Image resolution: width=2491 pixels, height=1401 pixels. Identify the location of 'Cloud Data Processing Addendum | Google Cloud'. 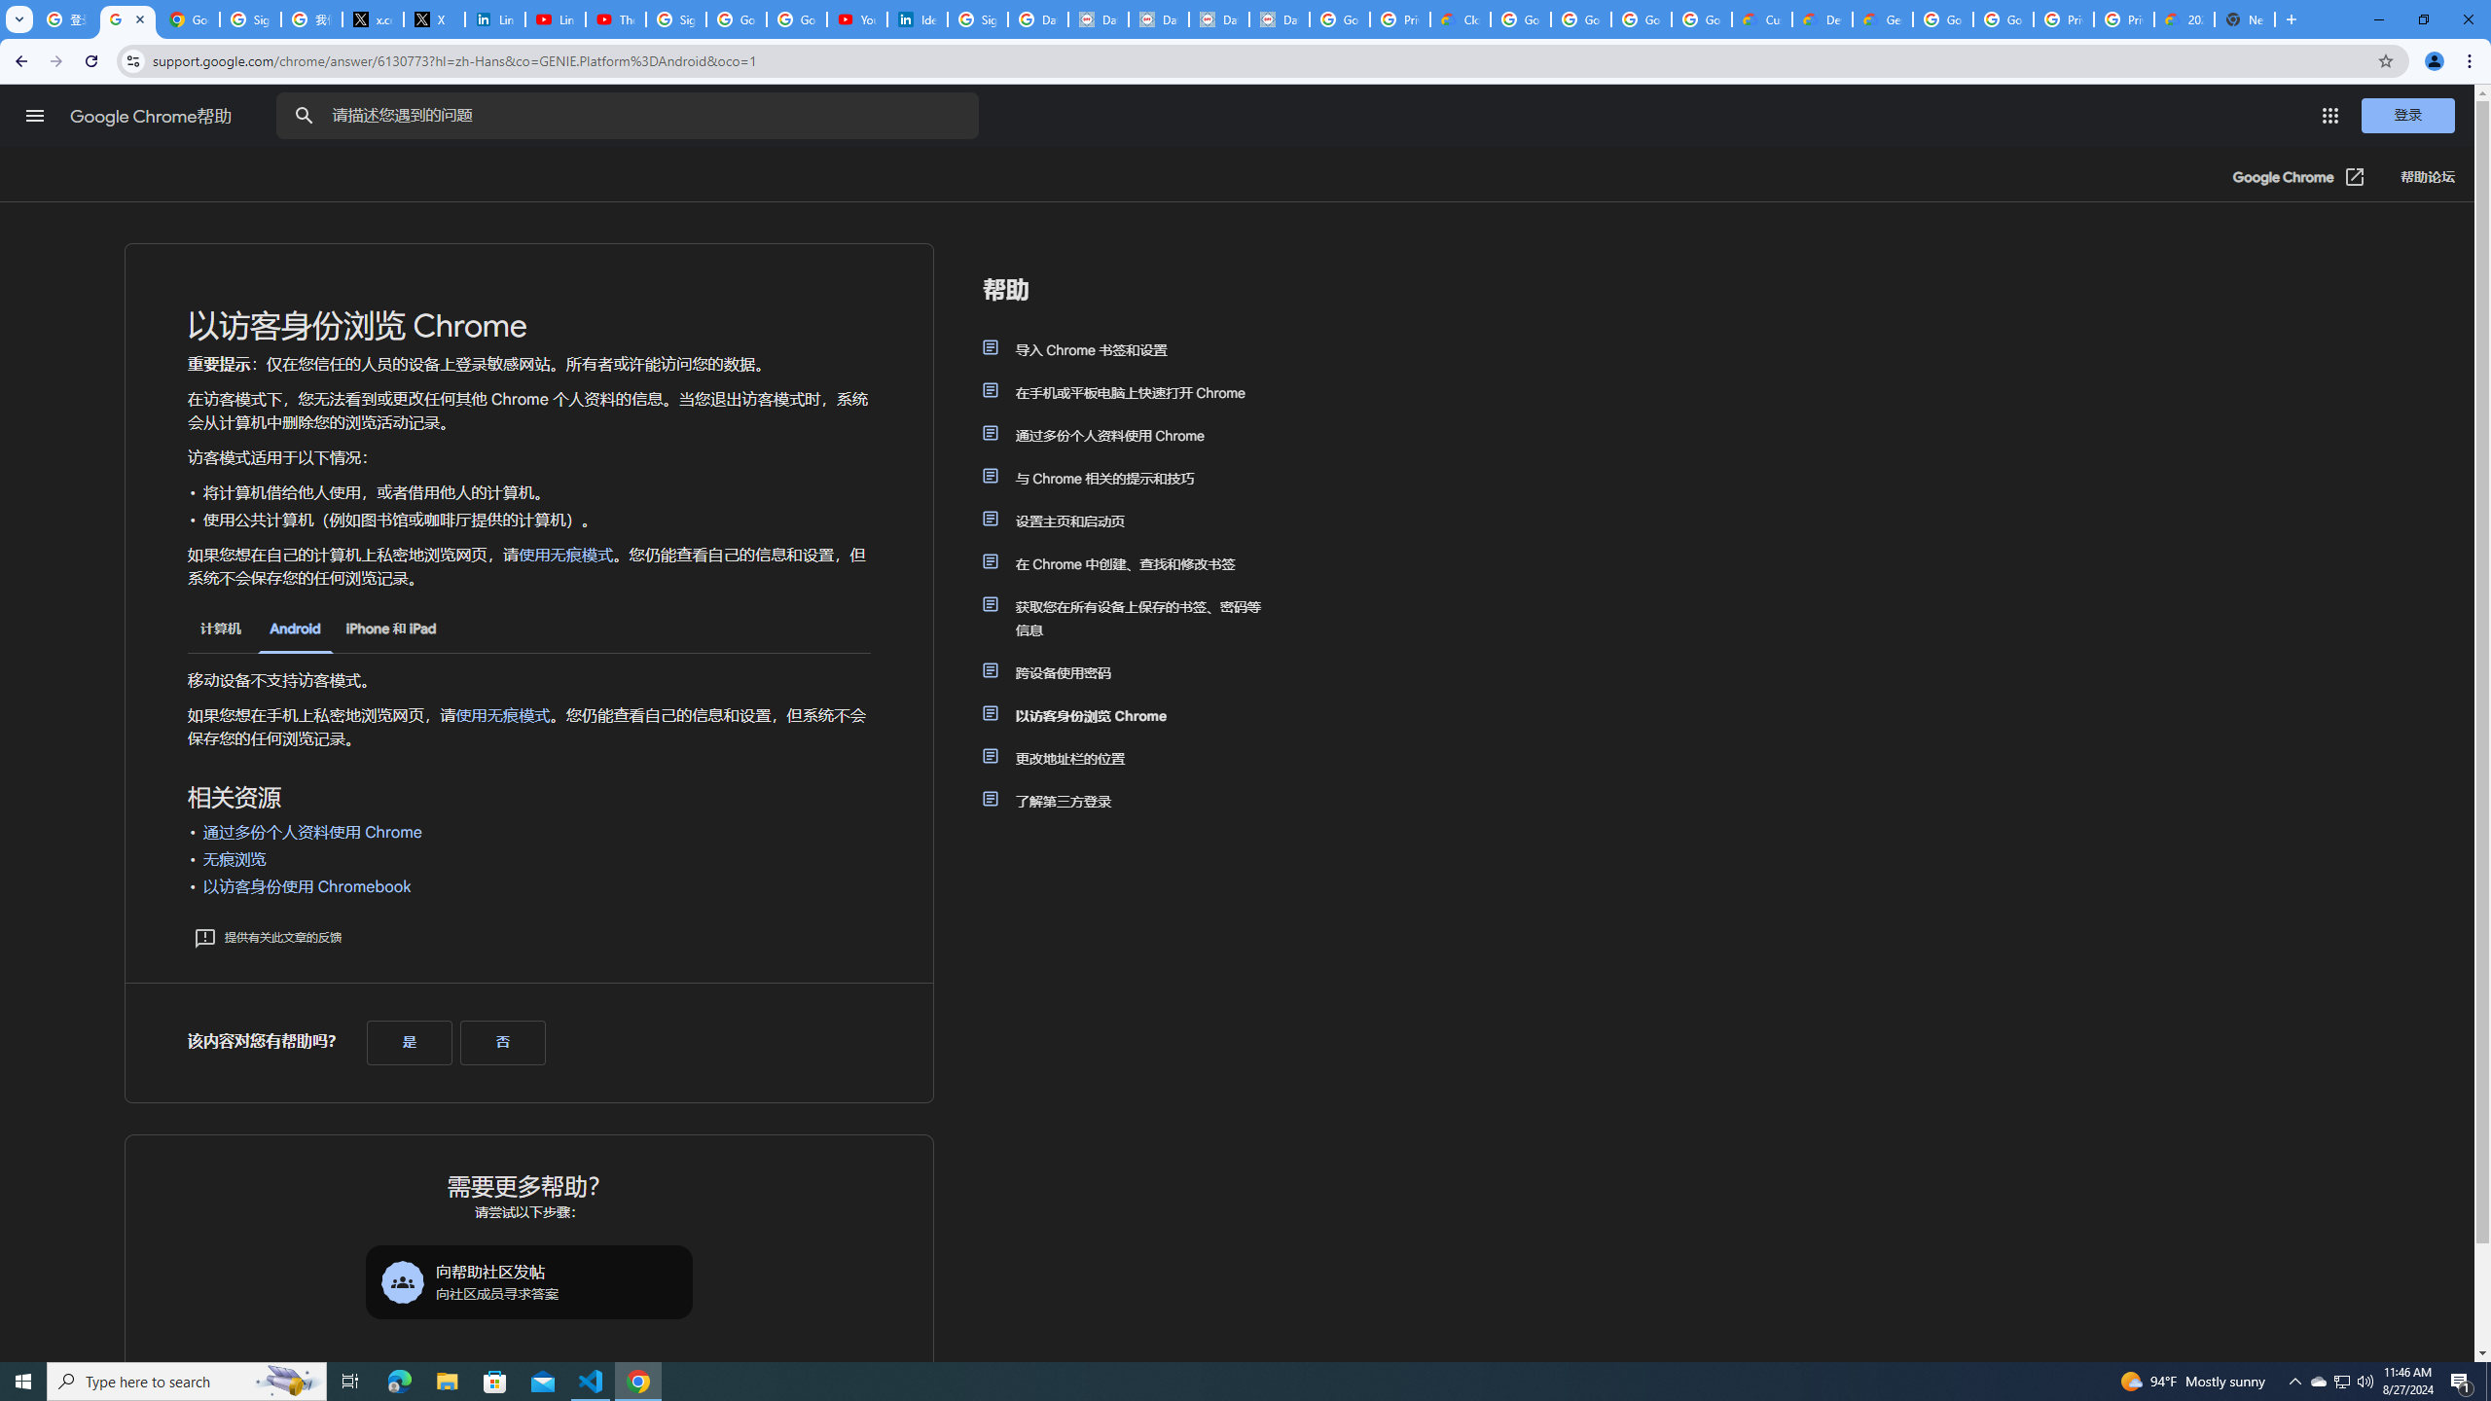
(1460, 18).